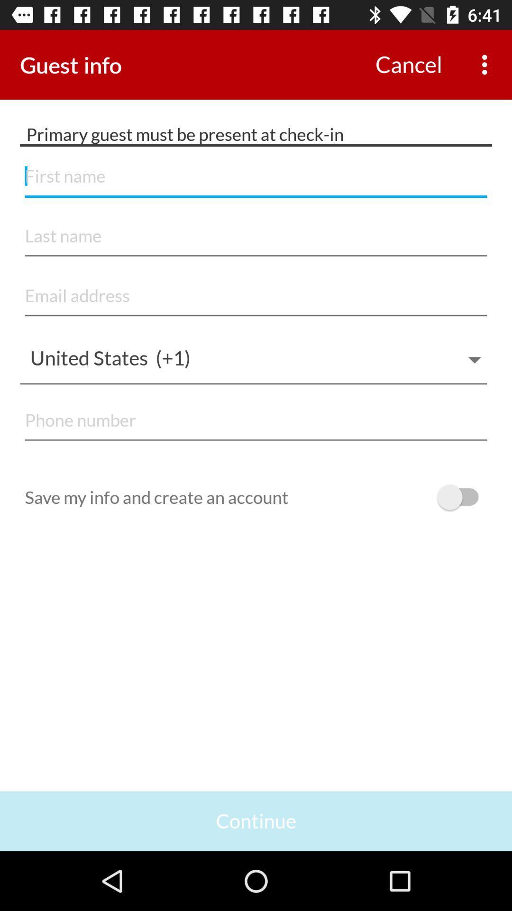  Describe the element at coordinates (256, 236) in the screenshot. I see `create id` at that location.